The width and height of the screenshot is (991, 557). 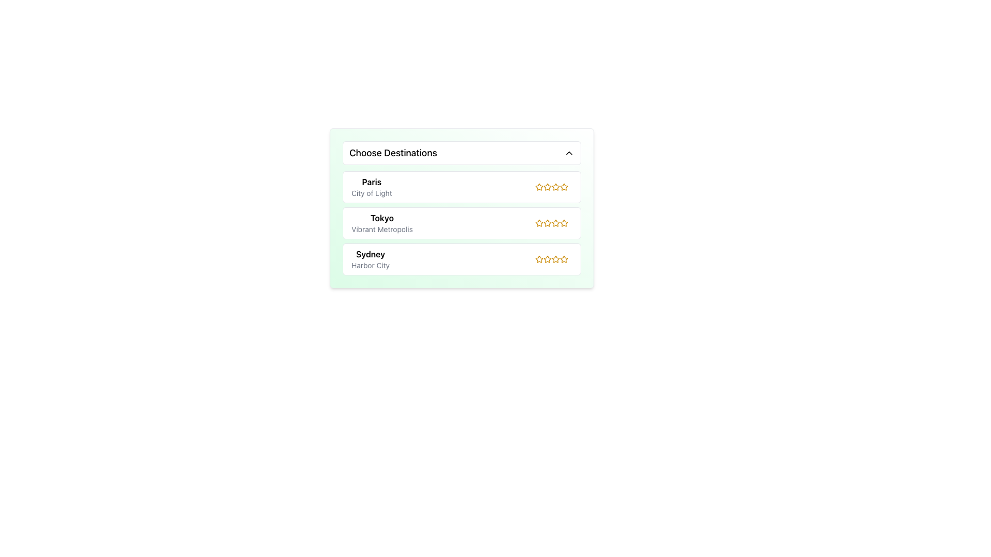 I want to click on the fourth star, so click(x=551, y=187).